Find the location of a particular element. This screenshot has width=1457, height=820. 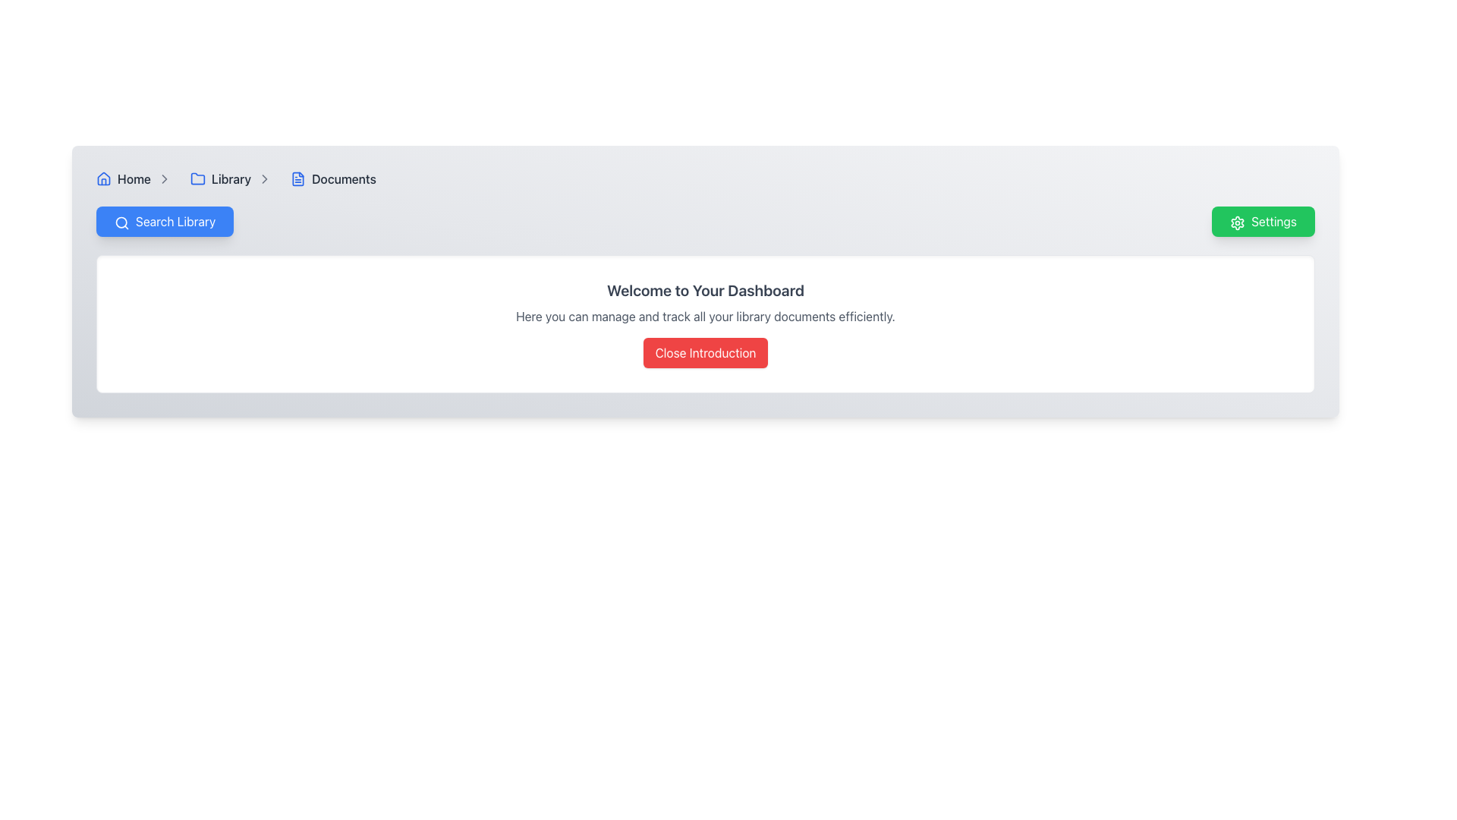

the Breadcrumb navigation item labeled 'Documents' which is the third item in the breadcrumb bar, following 'Home' and 'Library' is located at coordinates (332, 178).